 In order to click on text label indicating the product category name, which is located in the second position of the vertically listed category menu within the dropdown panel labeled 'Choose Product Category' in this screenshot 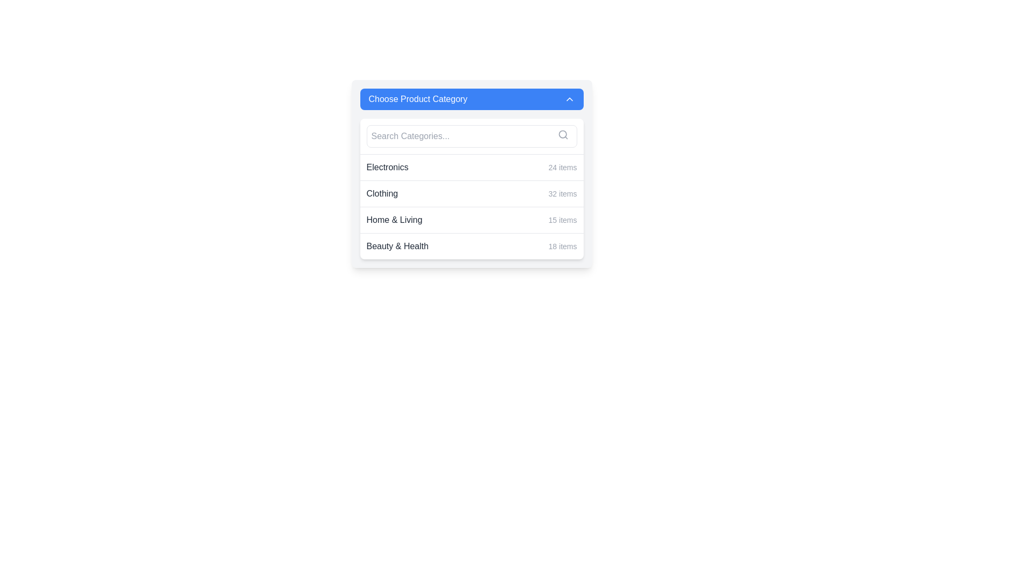, I will do `click(382, 194)`.